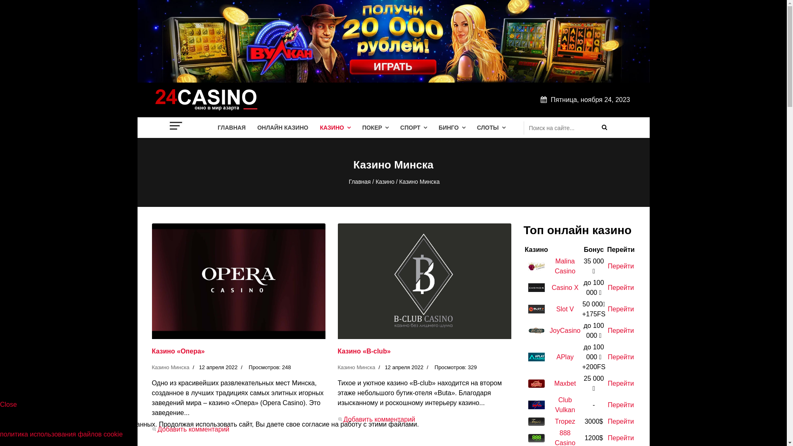  Describe the element at coordinates (565, 421) in the screenshot. I see `'Tropez'` at that location.